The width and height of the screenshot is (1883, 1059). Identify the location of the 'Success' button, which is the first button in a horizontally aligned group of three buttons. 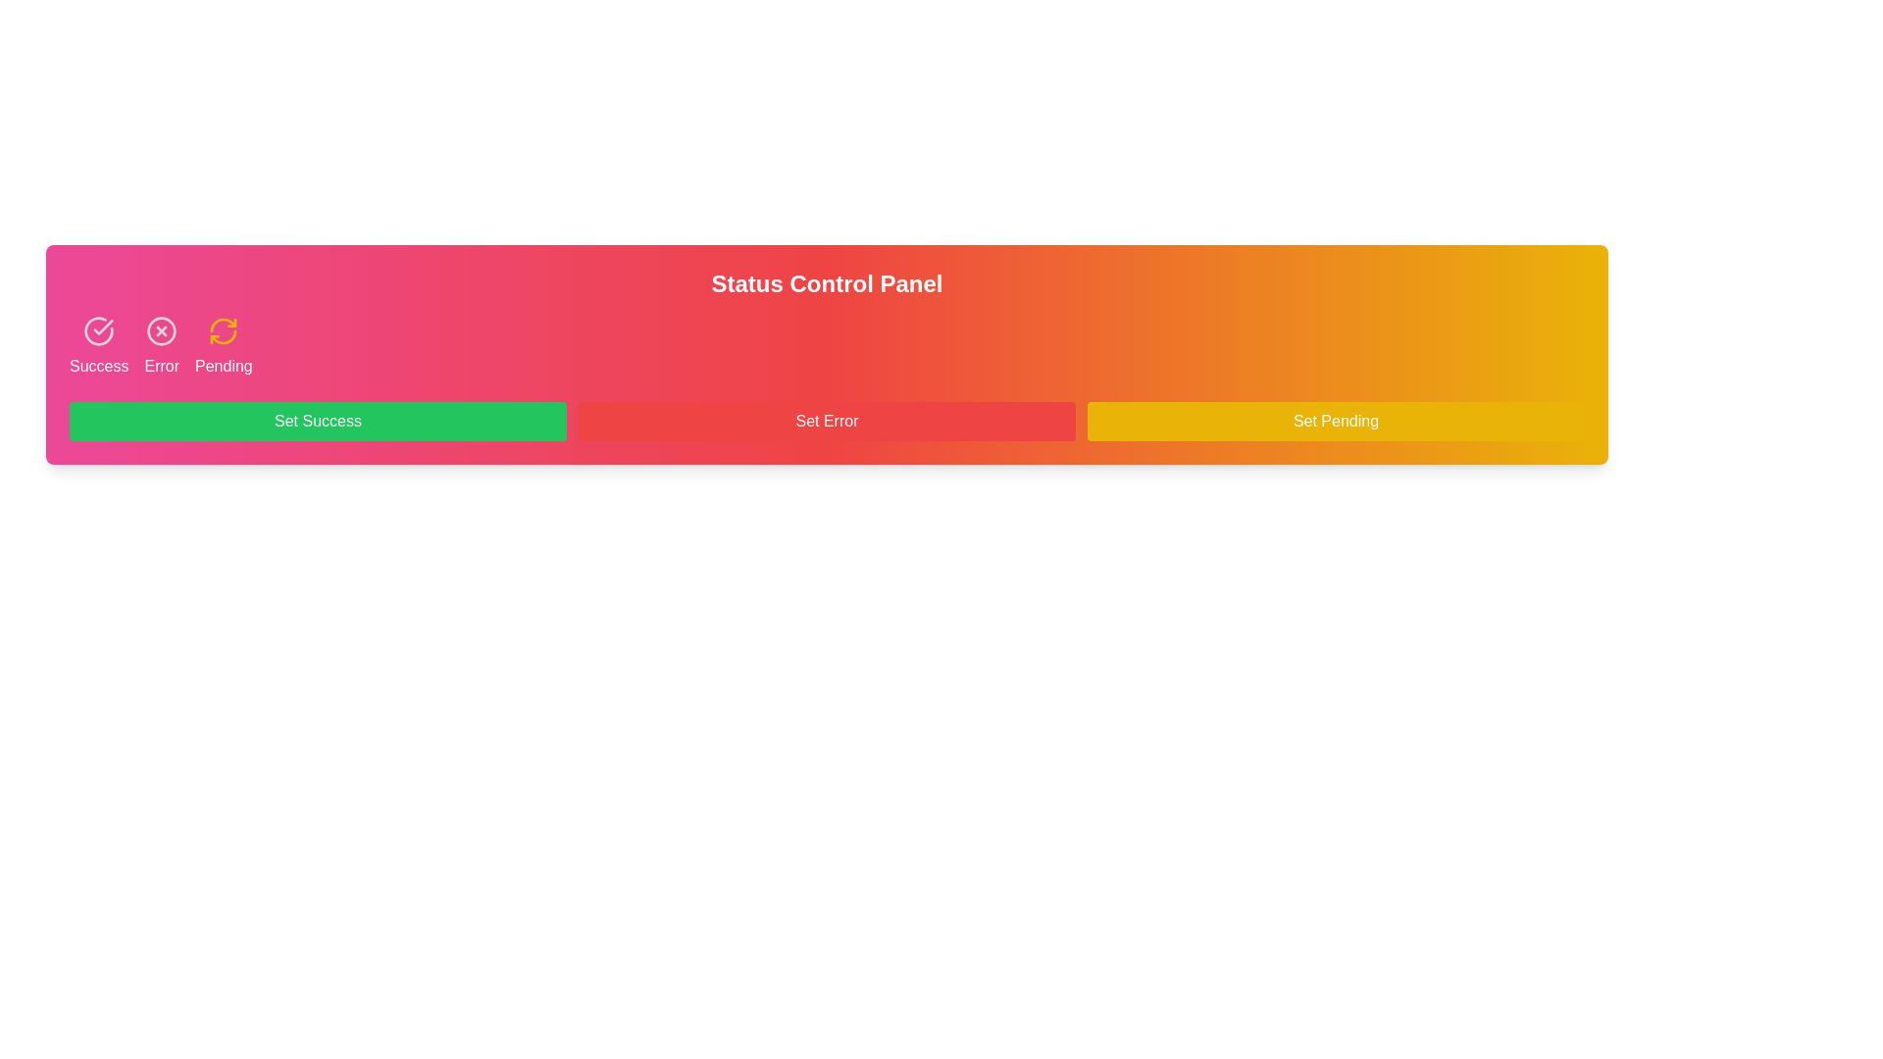
(318, 420).